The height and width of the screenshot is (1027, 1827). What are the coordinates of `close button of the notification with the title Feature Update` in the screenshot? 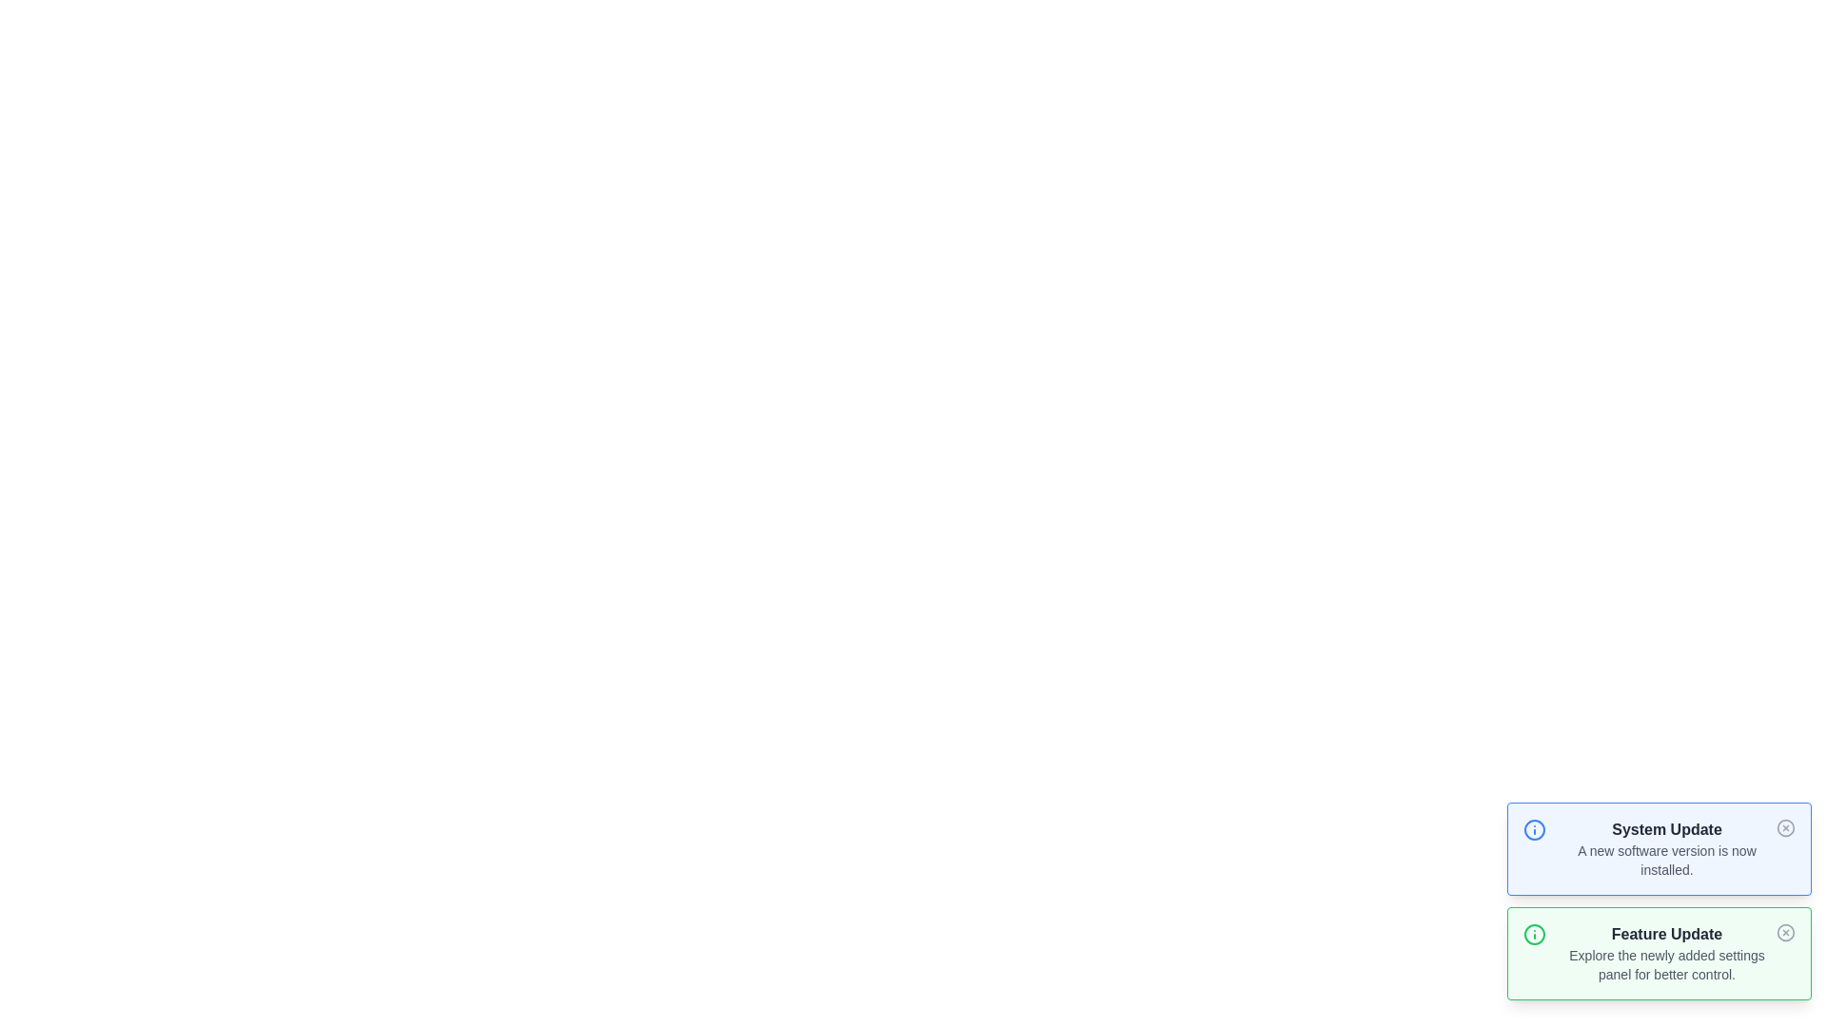 It's located at (1784, 931).